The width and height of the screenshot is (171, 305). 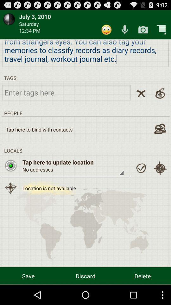 What do you see at coordinates (125, 31) in the screenshot?
I see `the microphone icon` at bounding box center [125, 31].